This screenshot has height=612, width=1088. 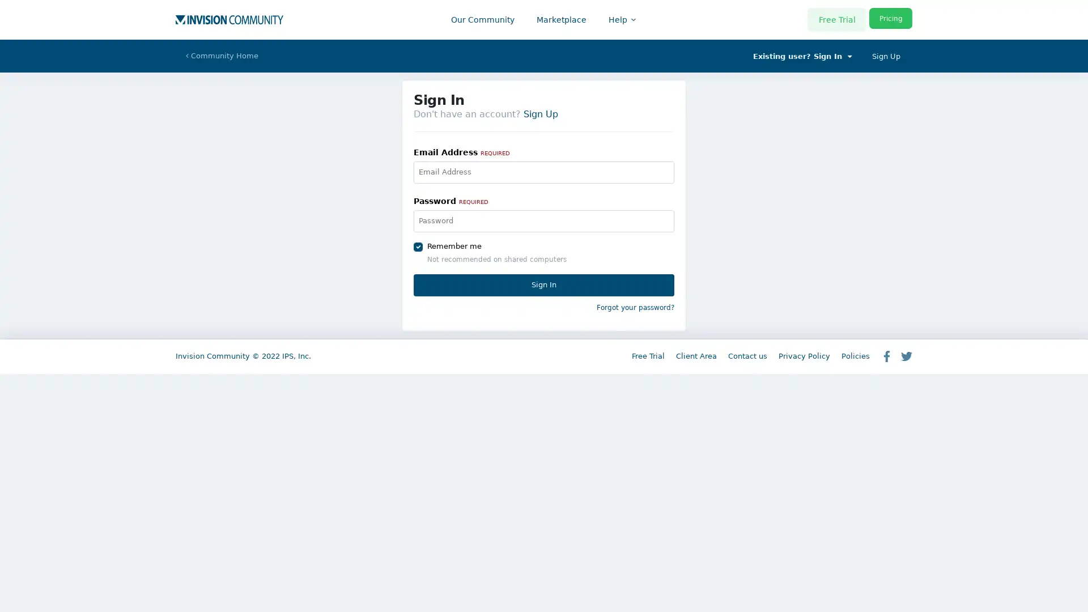 I want to click on Sign In, so click(x=544, y=284).